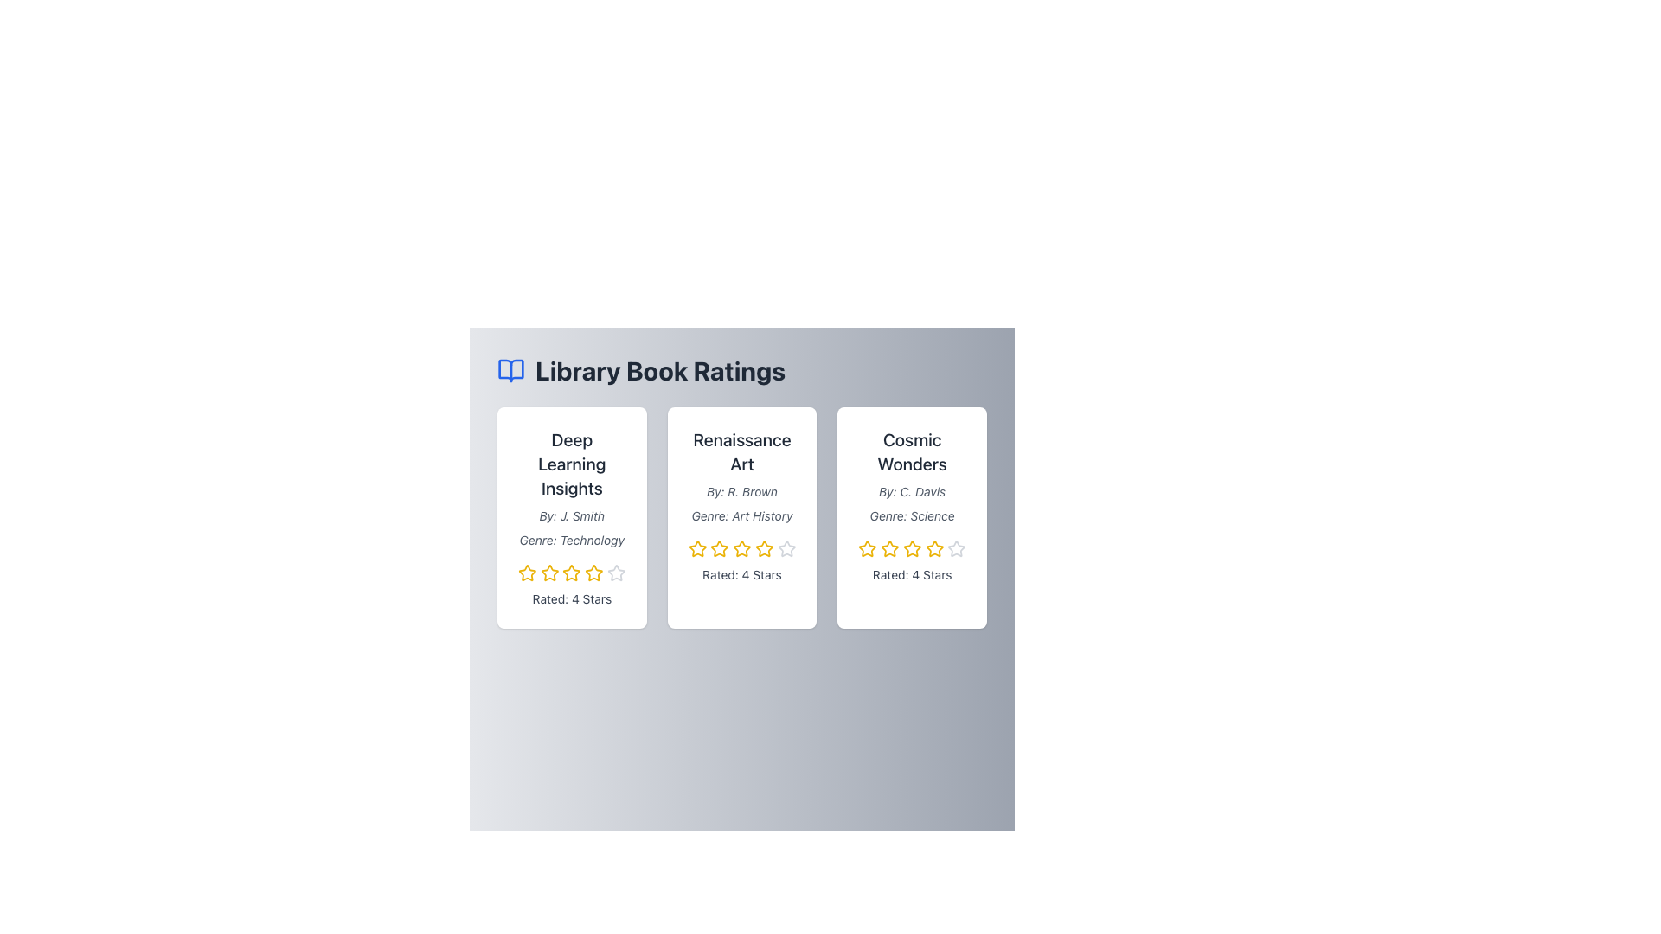 Image resolution: width=1661 pixels, height=934 pixels. I want to click on the second star icon in the rating component of the 'Renaissance Art' card to provide a rating, so click(719, 549).